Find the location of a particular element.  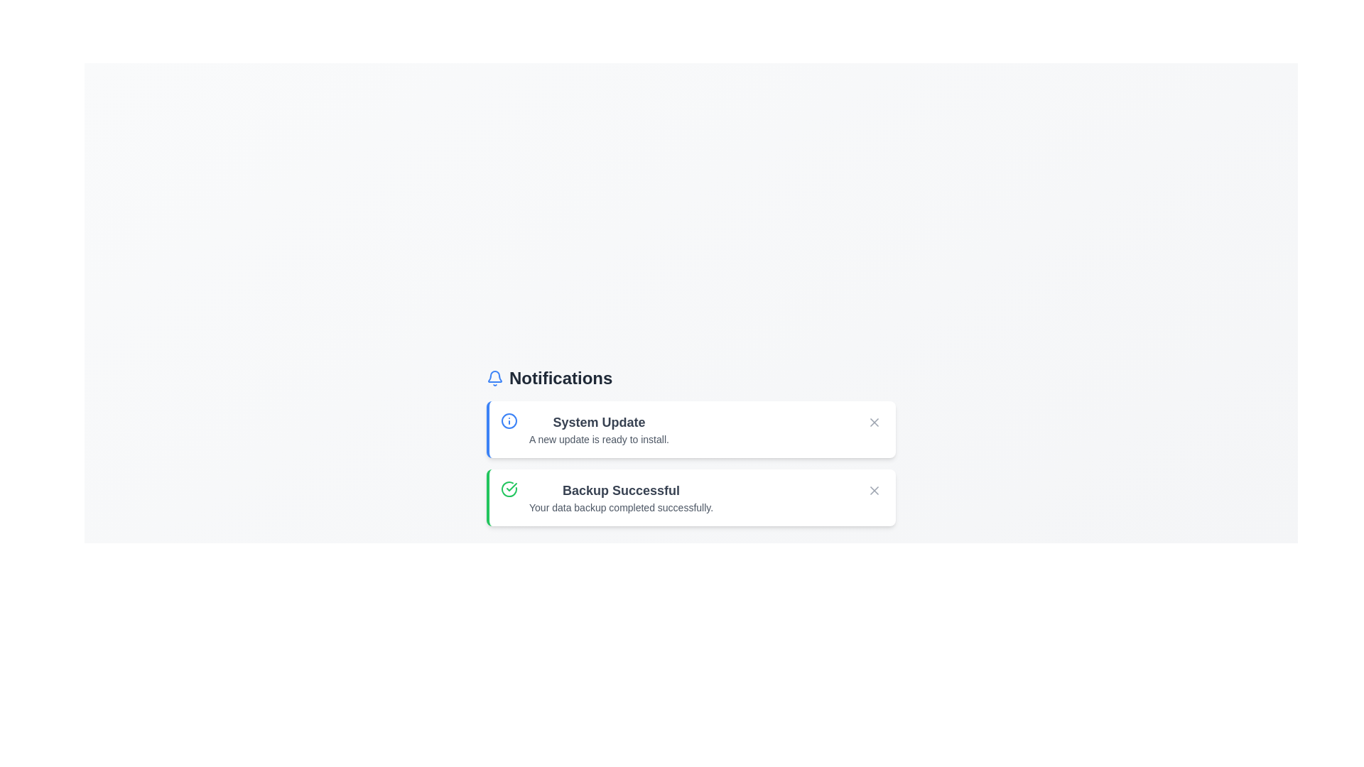

the close icon button (X) located in the top-right corner of the 'Backup Successful' notification is located at coordinates (873, 489).